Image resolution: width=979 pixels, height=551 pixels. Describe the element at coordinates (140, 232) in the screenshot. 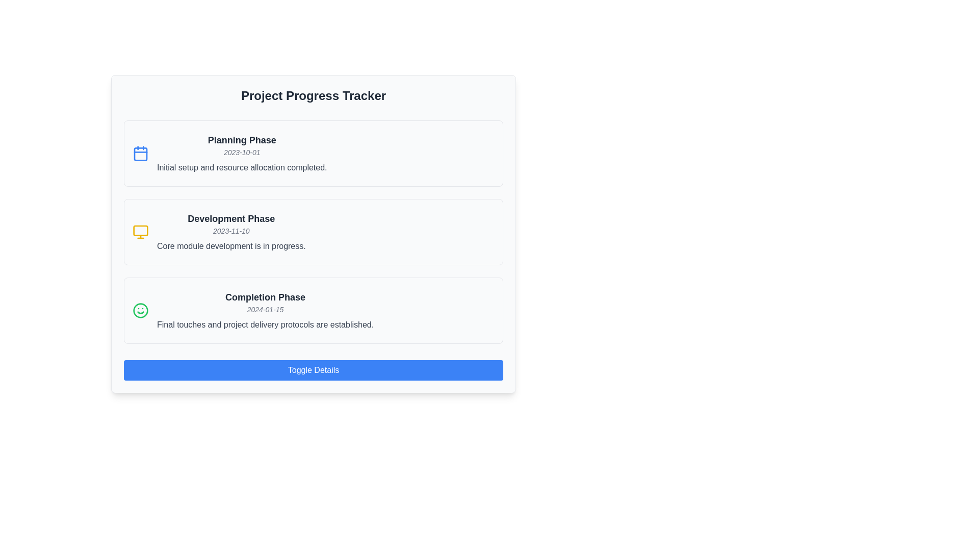

I see `the yellow computer monitor icon located in the 'Development Phase' section of the 'Project Progress Tracker', which precedes the text 'Development Phase'` at that location.